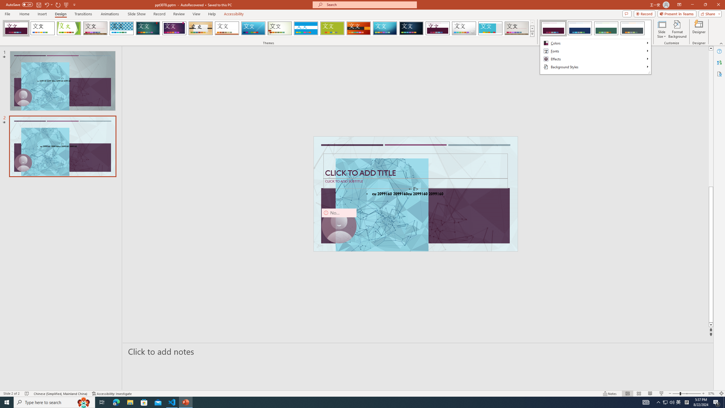 This screenshot has height=408, width=725. Describe the element at coordinates (415, 166) in the screenshot. I see `'Title TextBox'` at that location.